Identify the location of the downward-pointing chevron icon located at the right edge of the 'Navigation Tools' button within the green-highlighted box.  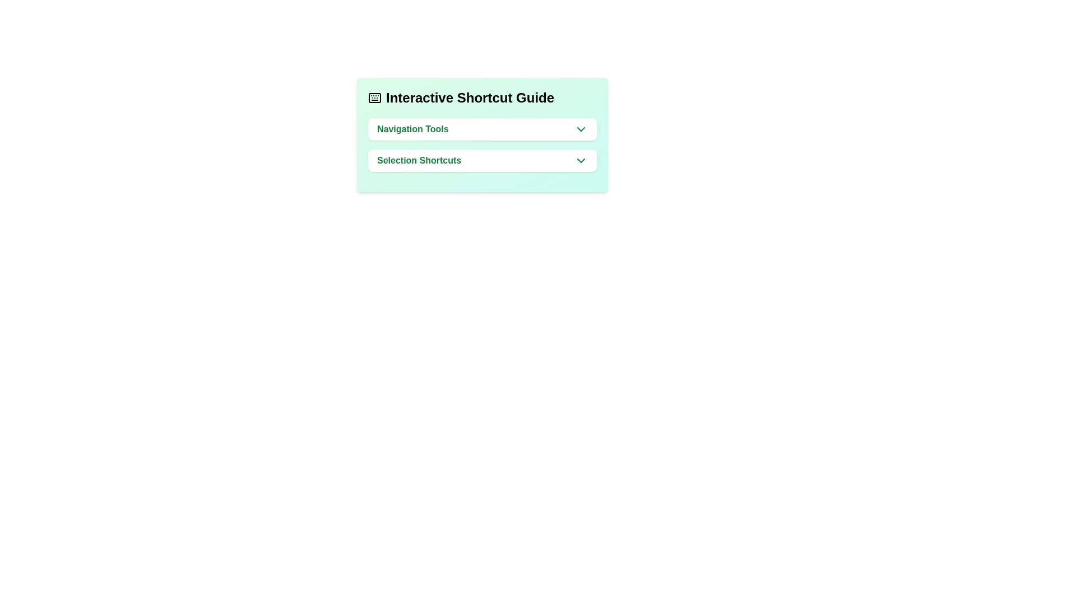
(581, 129).